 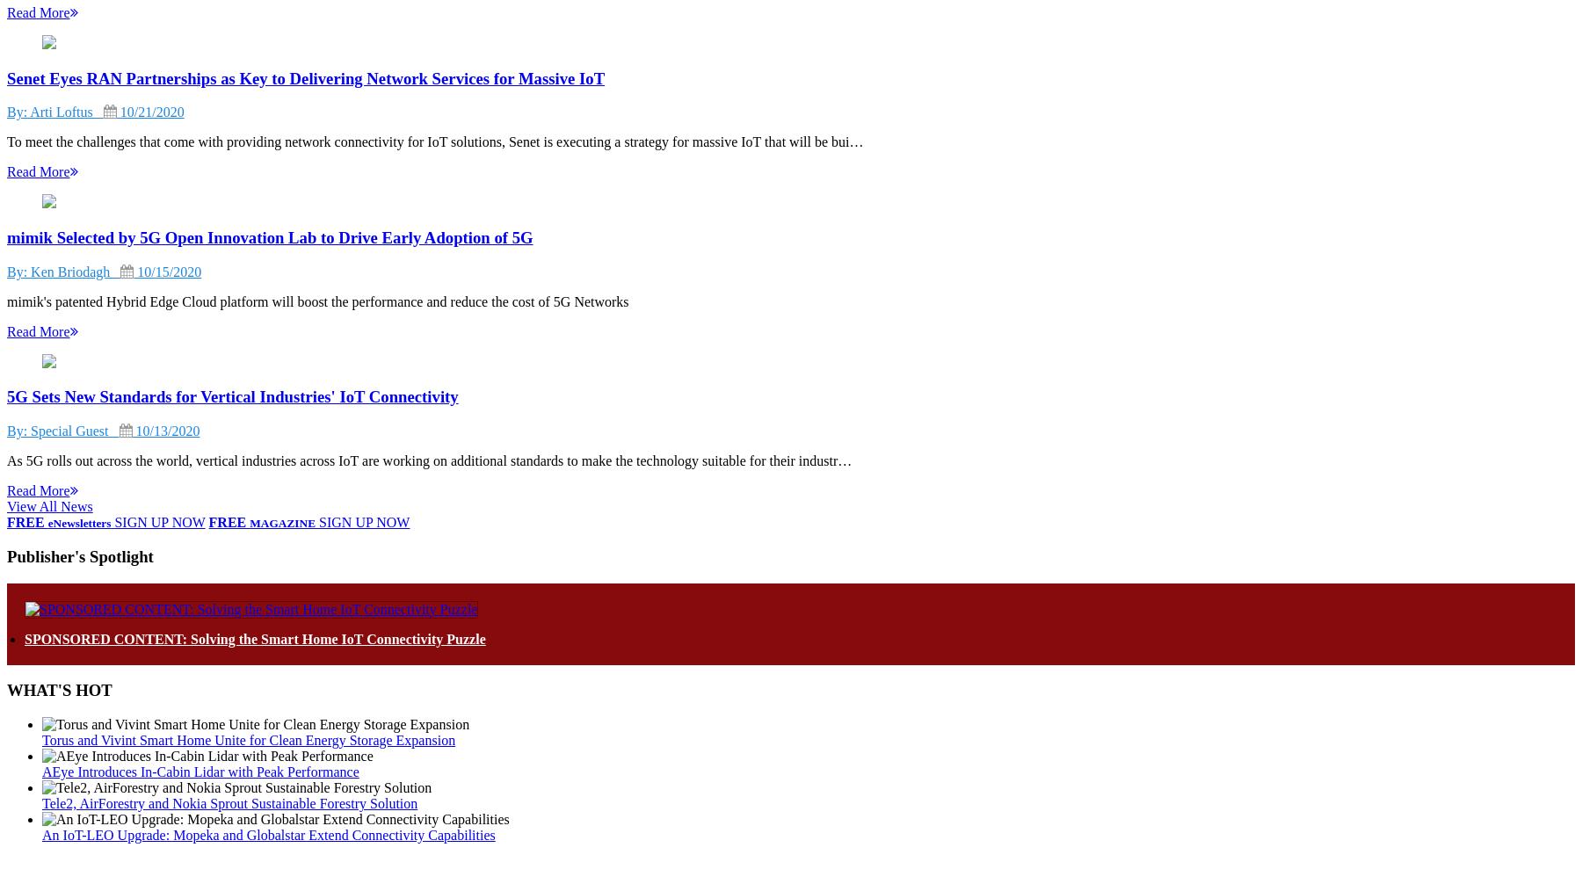 What do you see at coordinates (231, 395) in the screenshot?
I see `'5G Sets New Standards for Vertical Industries' IoT Connectivity'` at bounding box center [231, 395].